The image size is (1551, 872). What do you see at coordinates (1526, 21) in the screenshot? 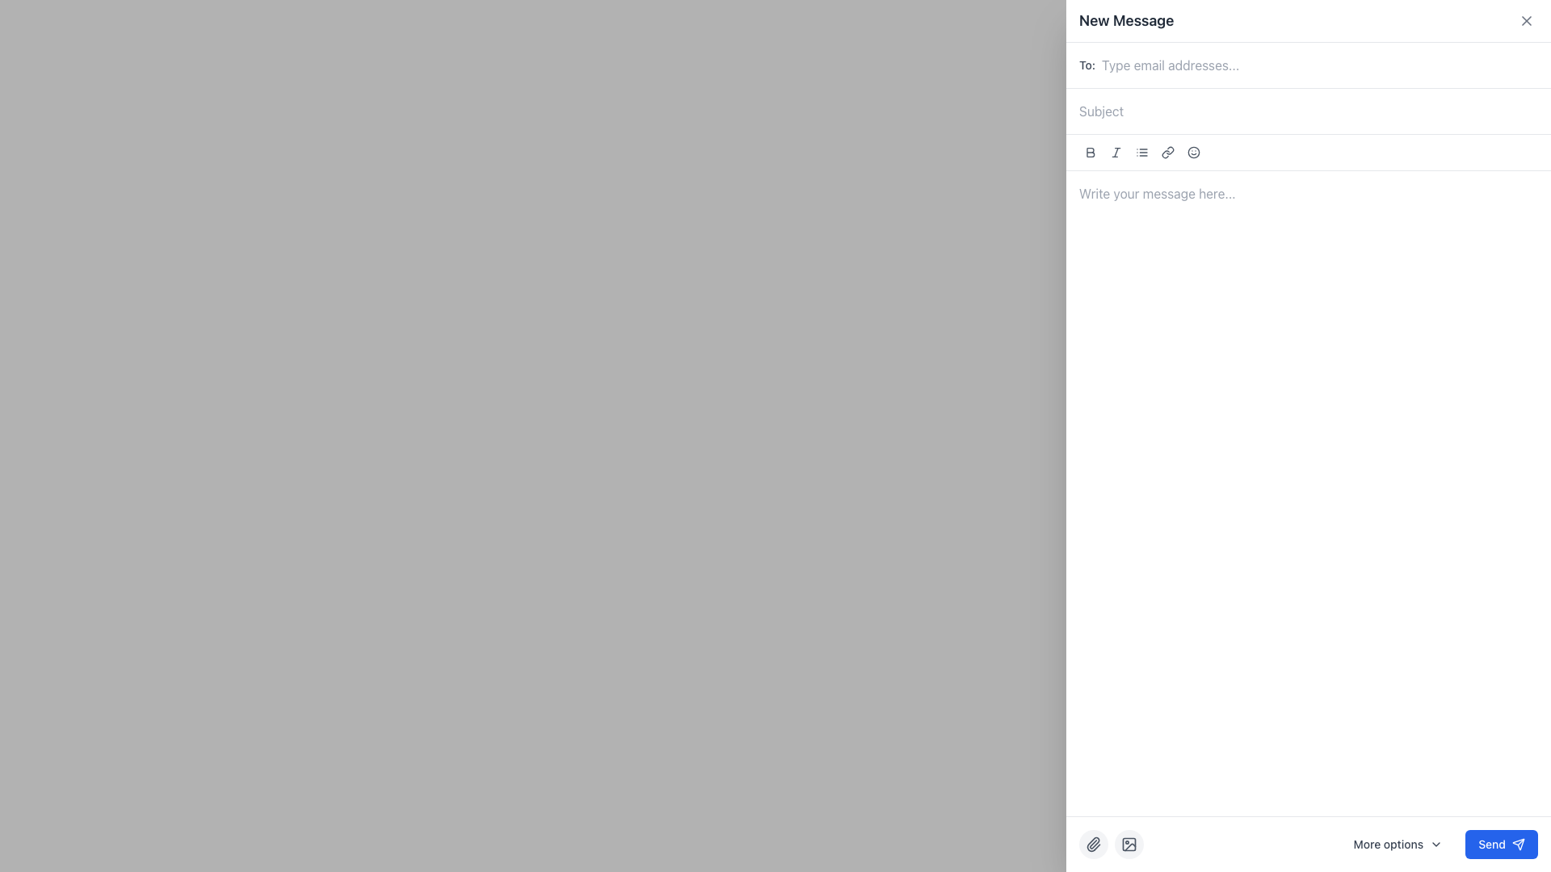
I see `the close icon button located at the top-right corner of the email composer interface` at bounding box center [1526, 21].